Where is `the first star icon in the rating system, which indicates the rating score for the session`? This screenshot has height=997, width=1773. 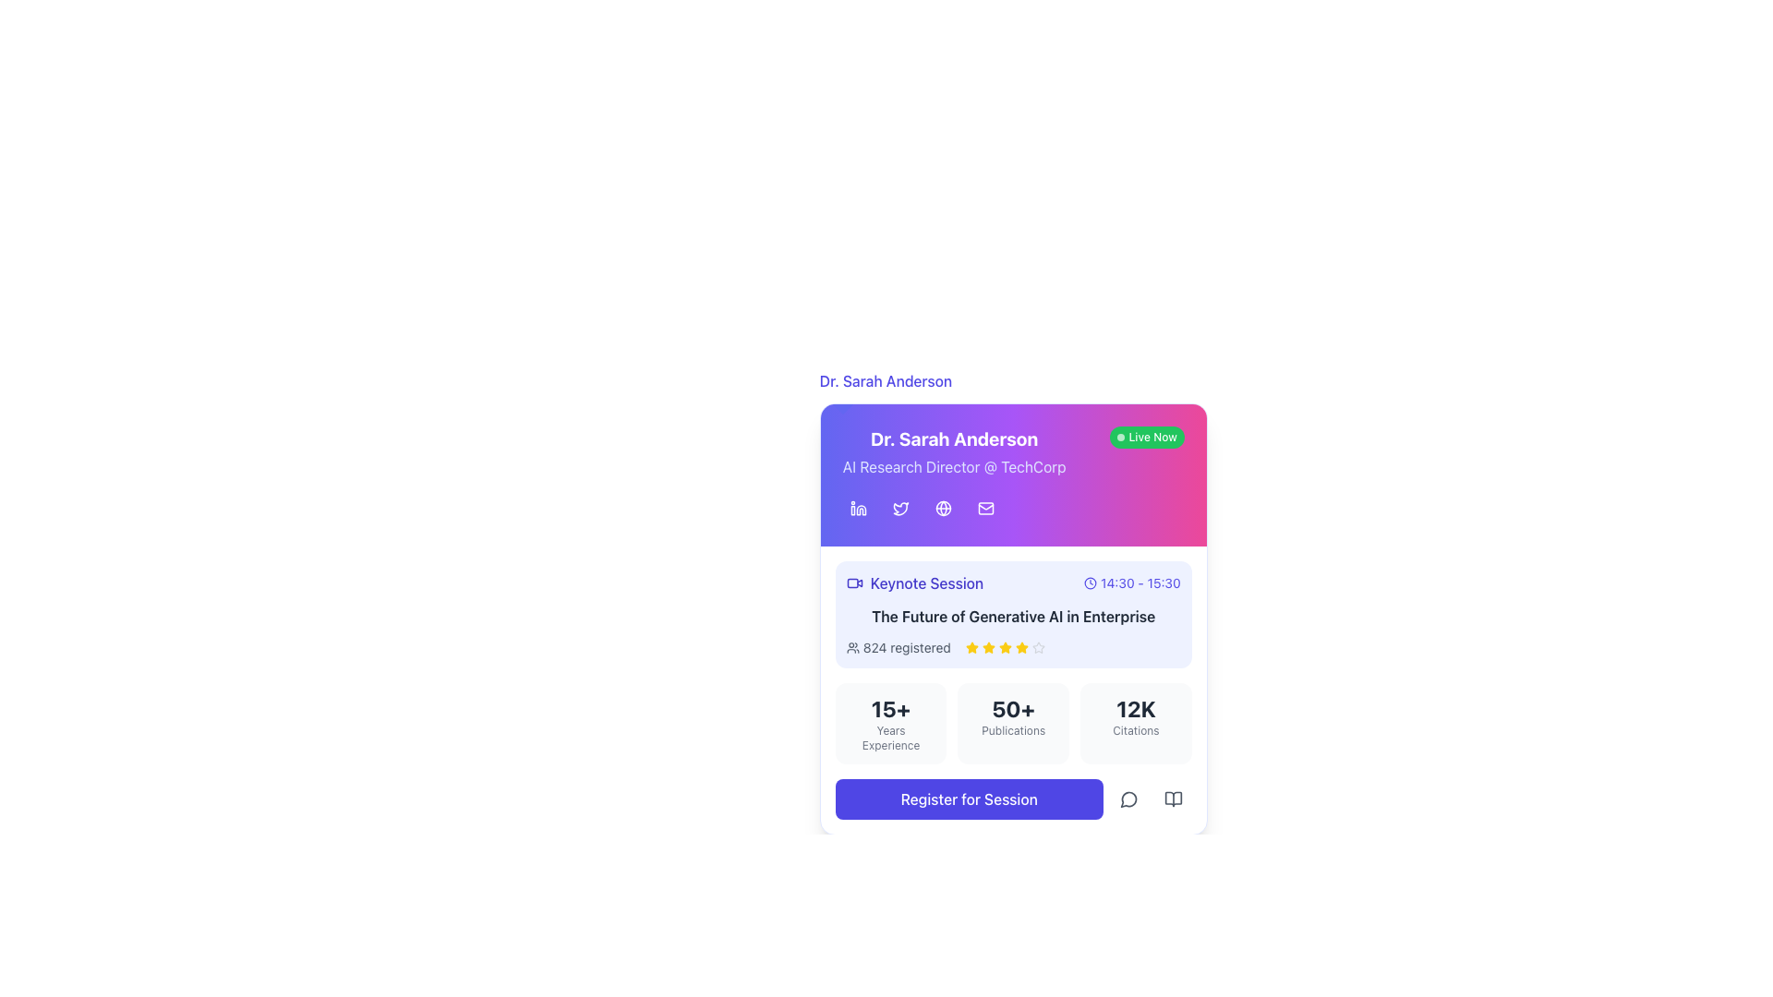 the first star icon in the rating system, which indicates the rating score for the session is located at coordinates (971, 647).